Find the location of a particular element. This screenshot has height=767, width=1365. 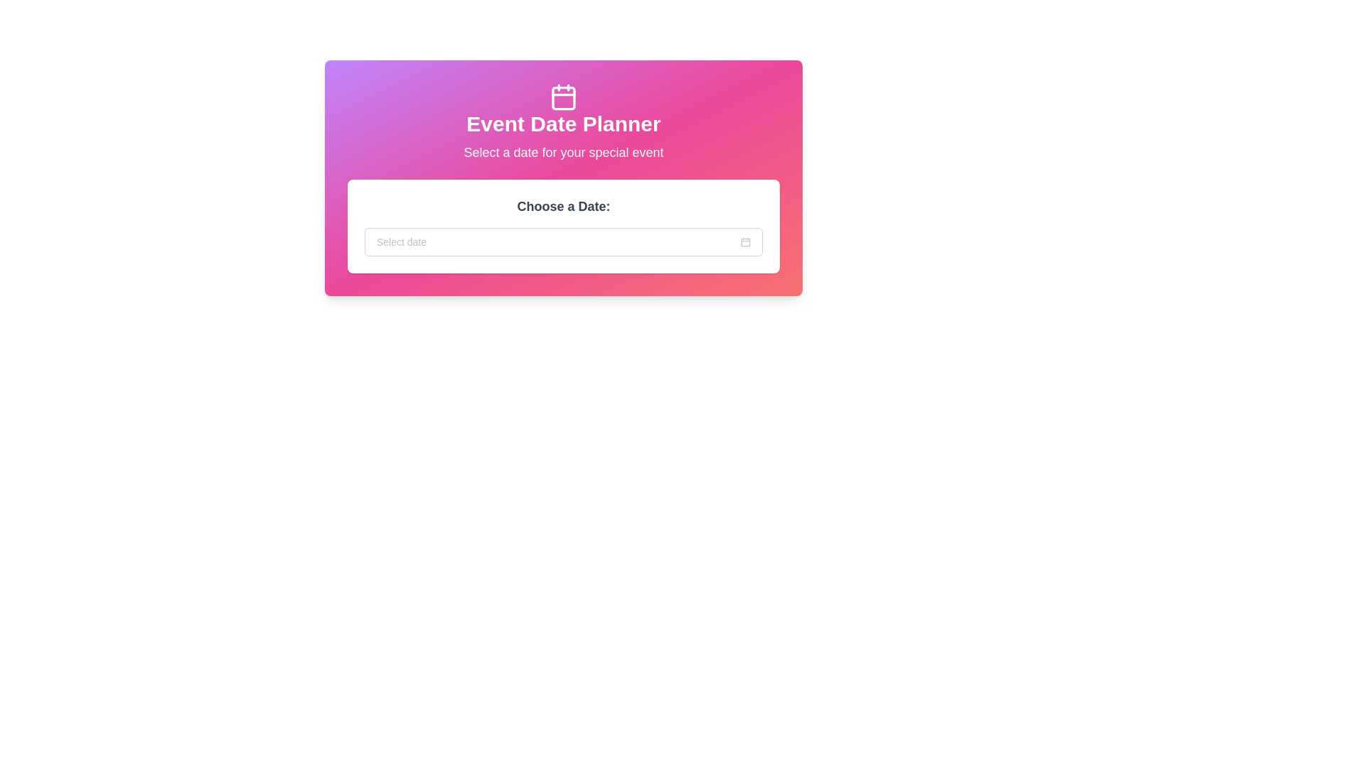

the Date picker input field with placeholder text 'Select date' for keyboard interaction is located at coordinates (562, 241).